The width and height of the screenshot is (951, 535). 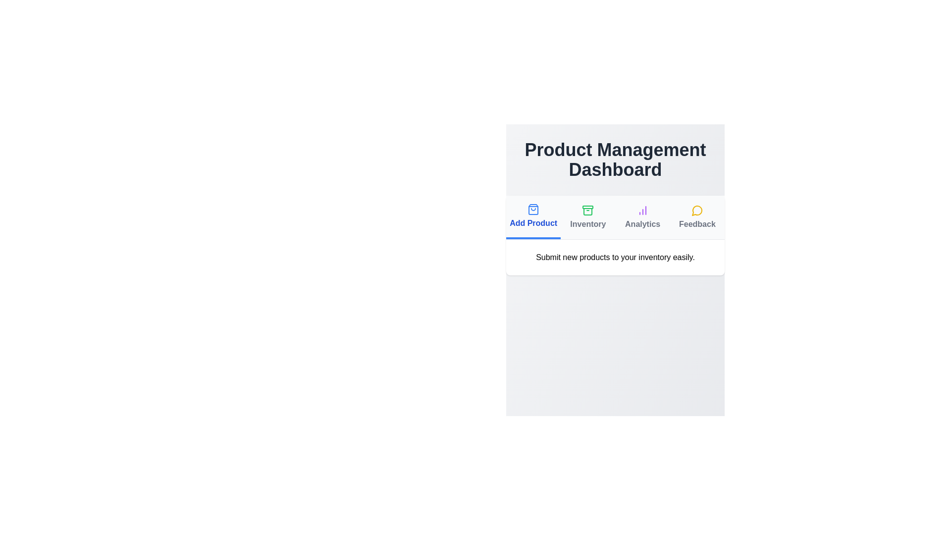 What do you see at coordinates (533, 209) in the screenshot?
I see `the 'Add Product' icon located in the navigation panel, which is the first icon from the left above the text 'Add Product'` at bounding box center [533, 209].